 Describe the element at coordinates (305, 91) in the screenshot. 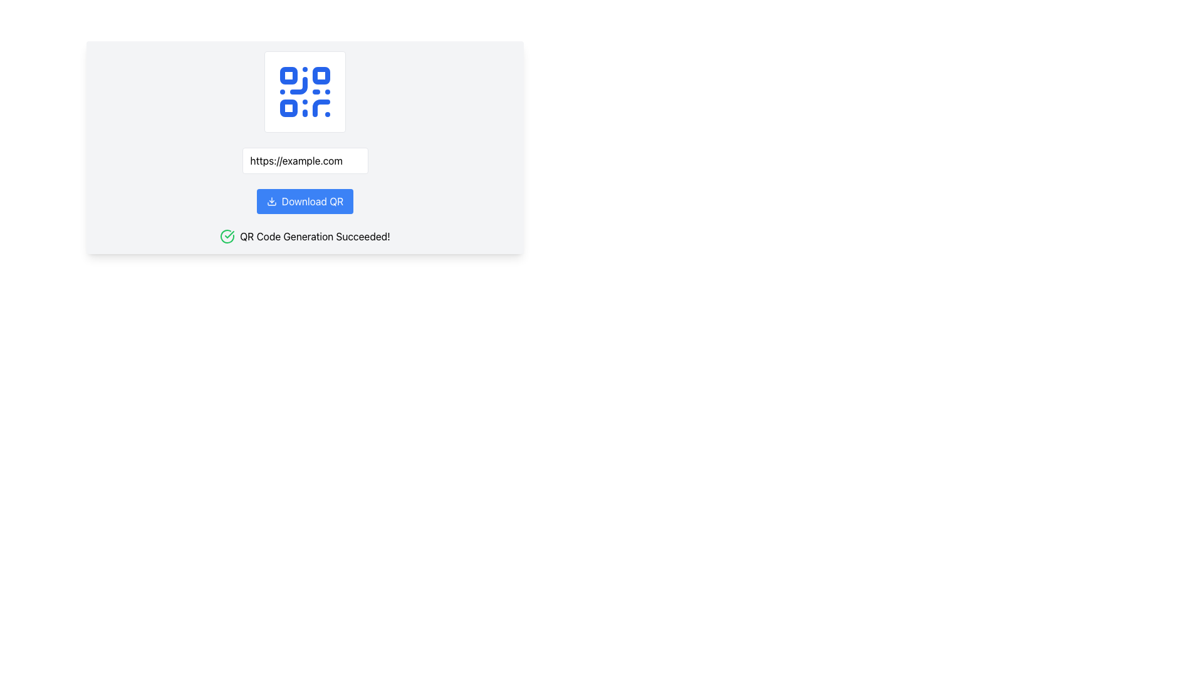

I see `the QR code icon, which is a prominent visual element in the middle of the interface` at that location.